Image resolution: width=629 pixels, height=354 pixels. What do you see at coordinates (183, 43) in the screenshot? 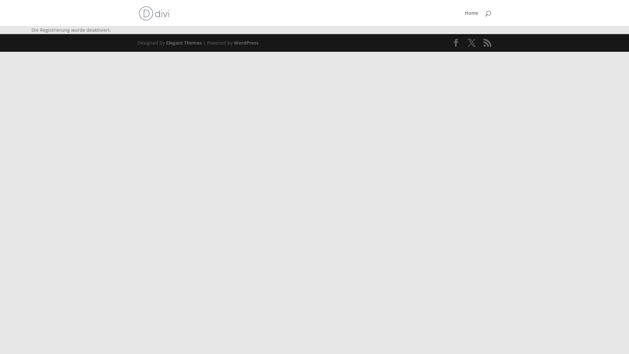
I see `'Elegant Themes'` at bounding box center [183, 43].